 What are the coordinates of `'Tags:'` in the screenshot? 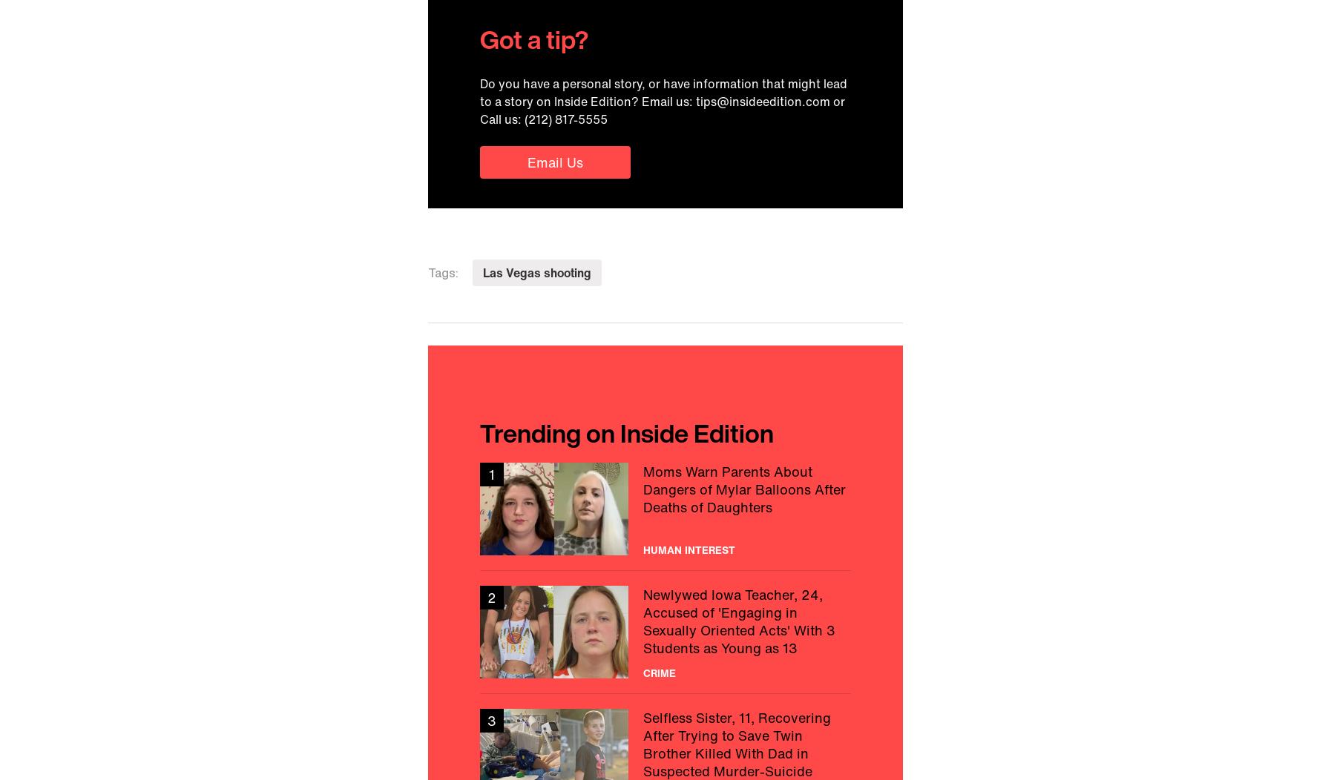 It's located at (443, 272).